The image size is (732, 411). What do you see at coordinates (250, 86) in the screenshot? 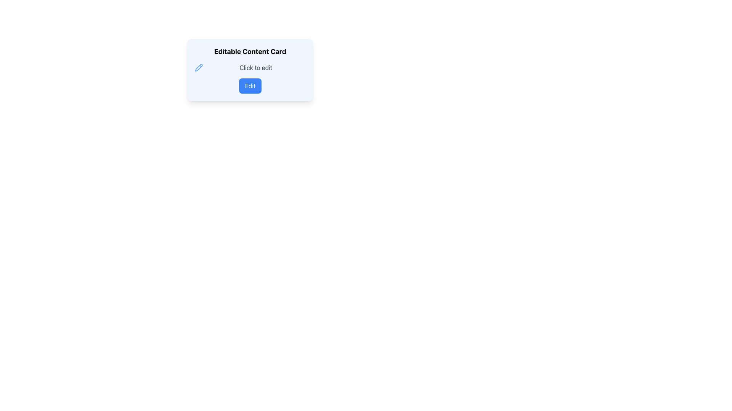
I see `the rectangular blue button labeled 'Edit' with rounded corners for visual feedback` at bounding box center [250, 86].